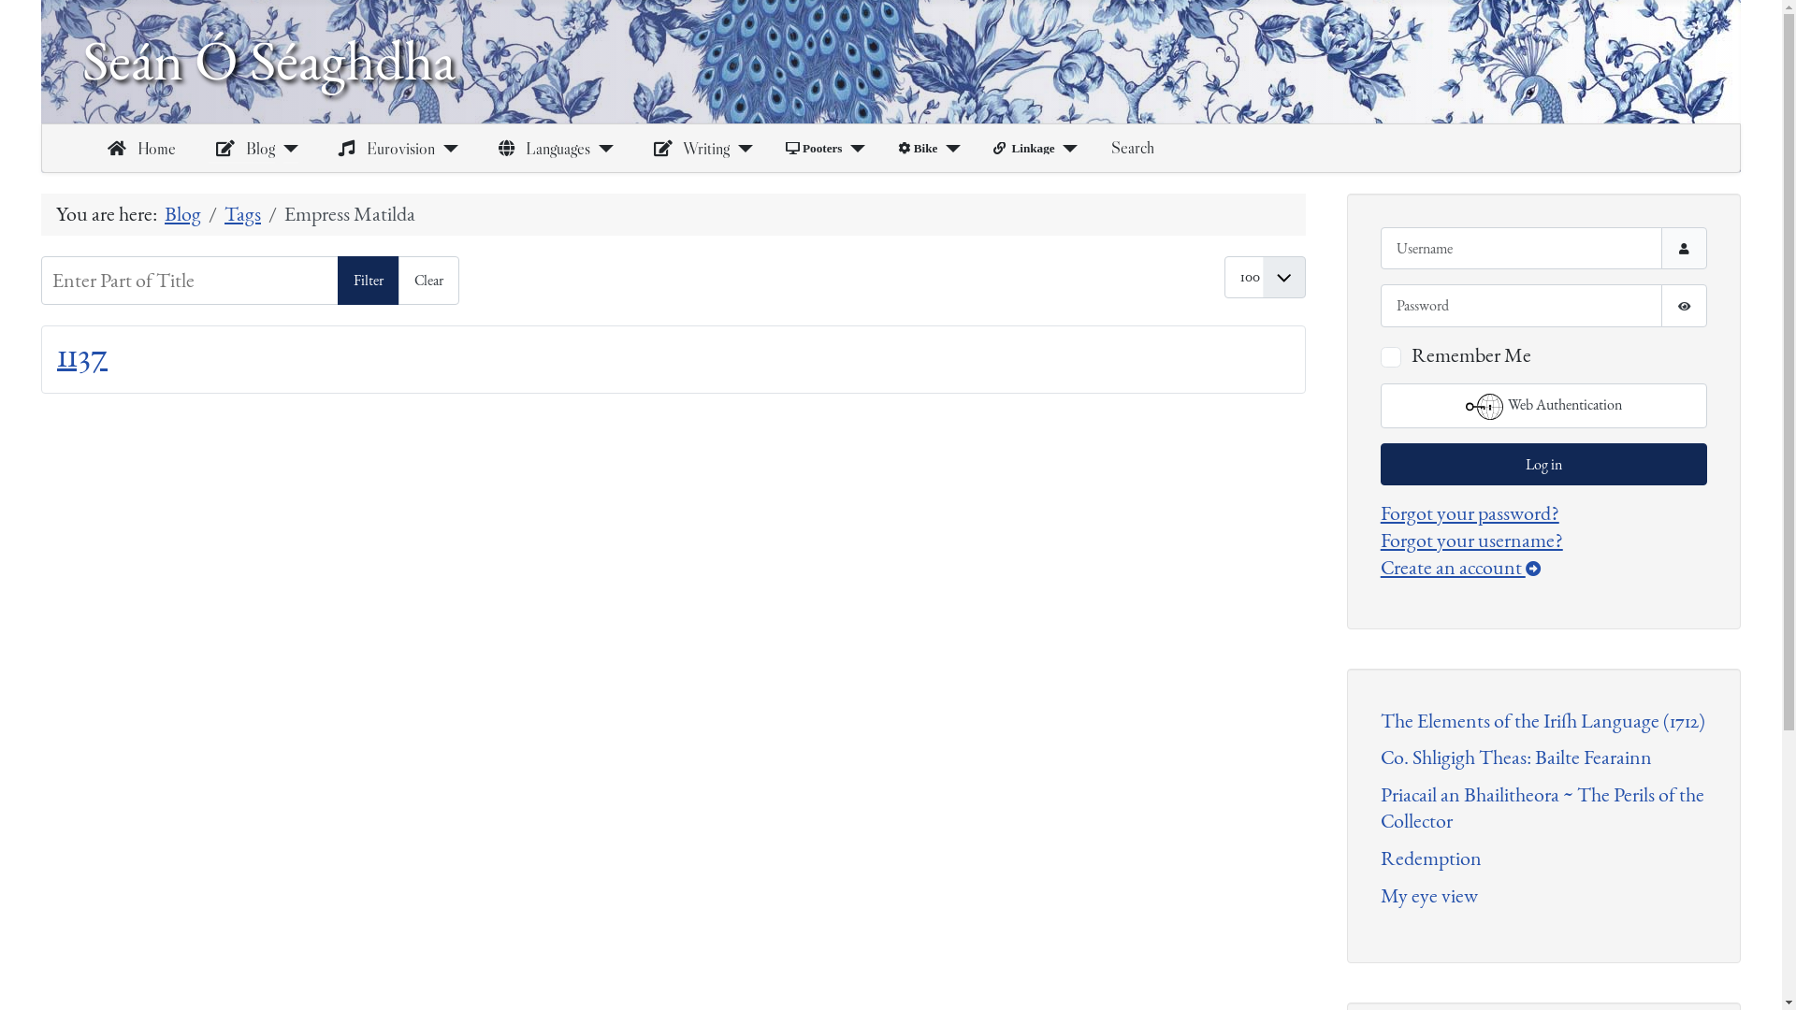 This screenshot has width=1796, height=1010. What do you see at coordinates (1430, 858) in the screenshot?
I see `'Redemption'` at bounding box center [1430, 858].